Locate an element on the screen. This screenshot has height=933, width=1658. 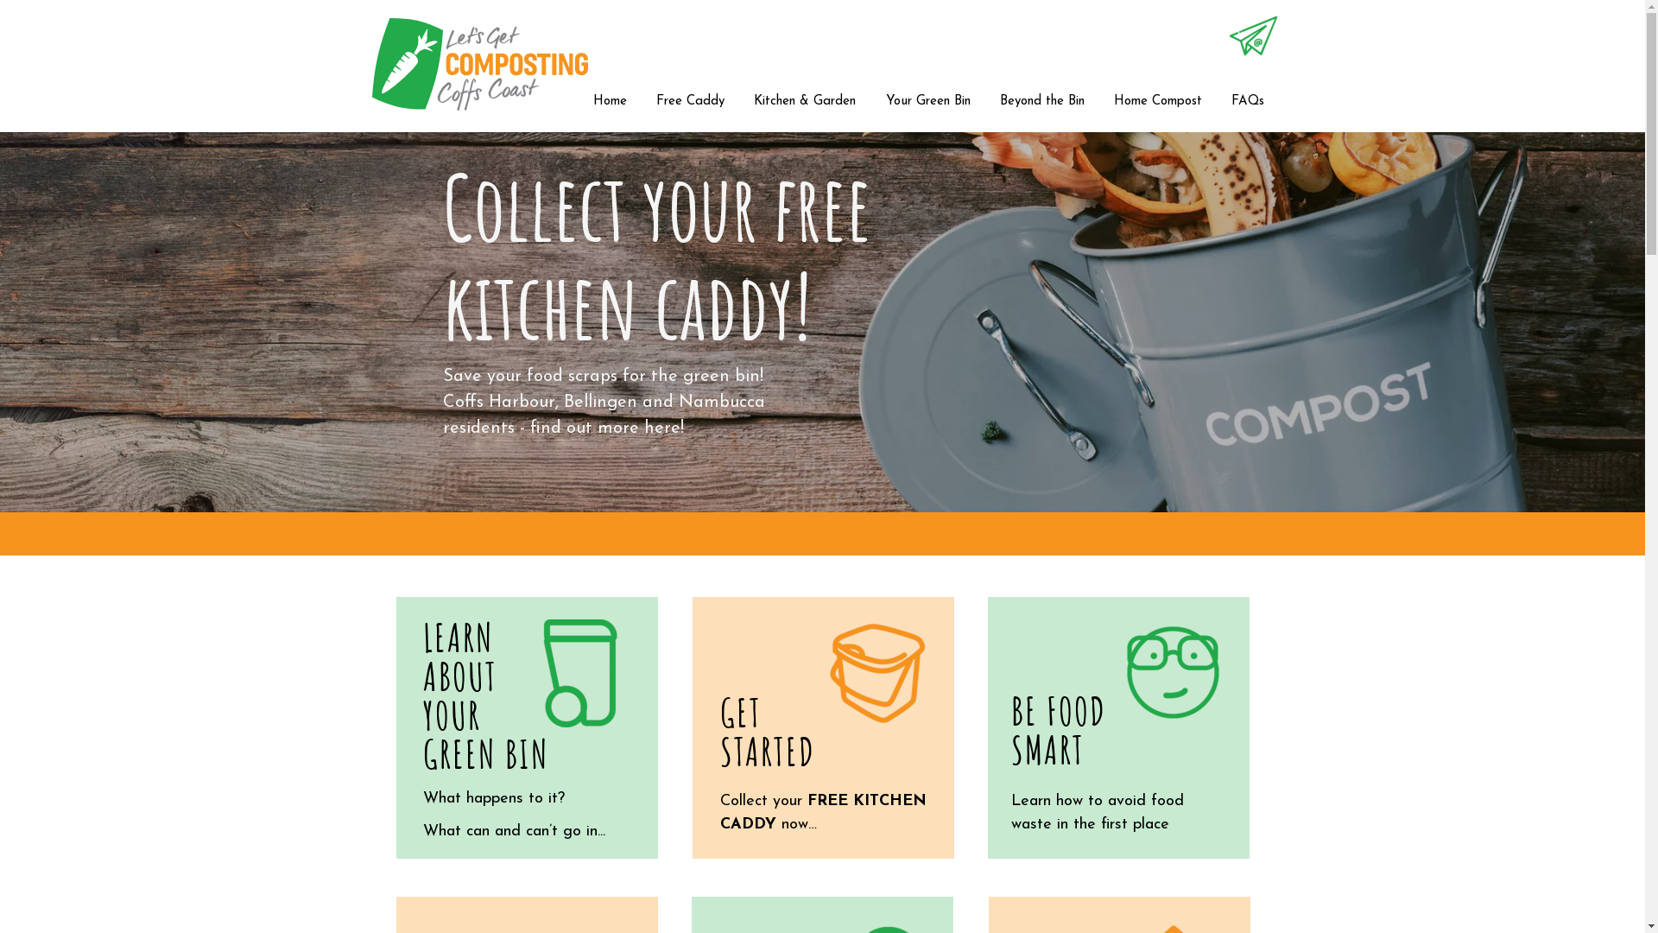
'Kitchen & Garden' is located at coordinates (744, 102).